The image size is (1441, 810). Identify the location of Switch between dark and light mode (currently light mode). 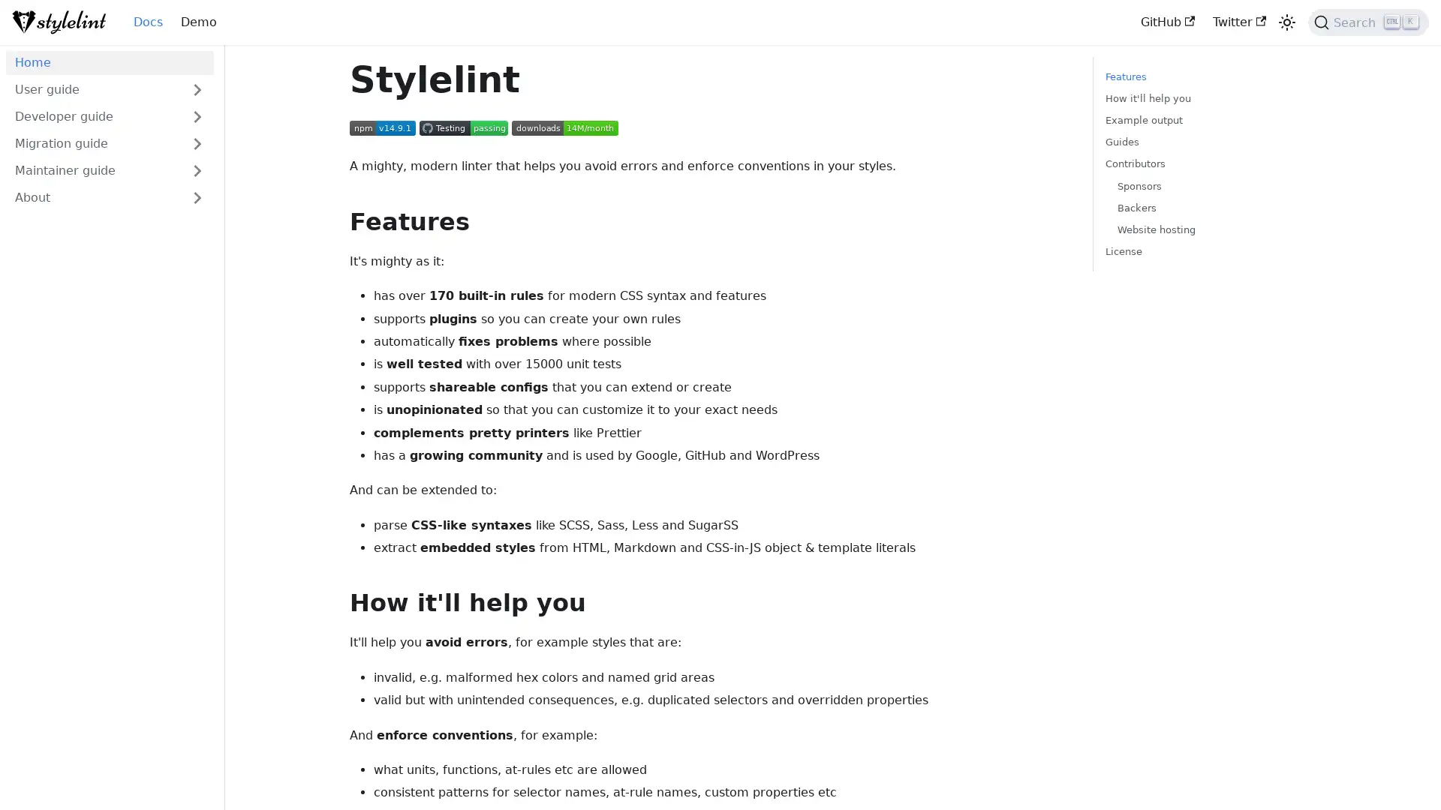
(1286, 22).